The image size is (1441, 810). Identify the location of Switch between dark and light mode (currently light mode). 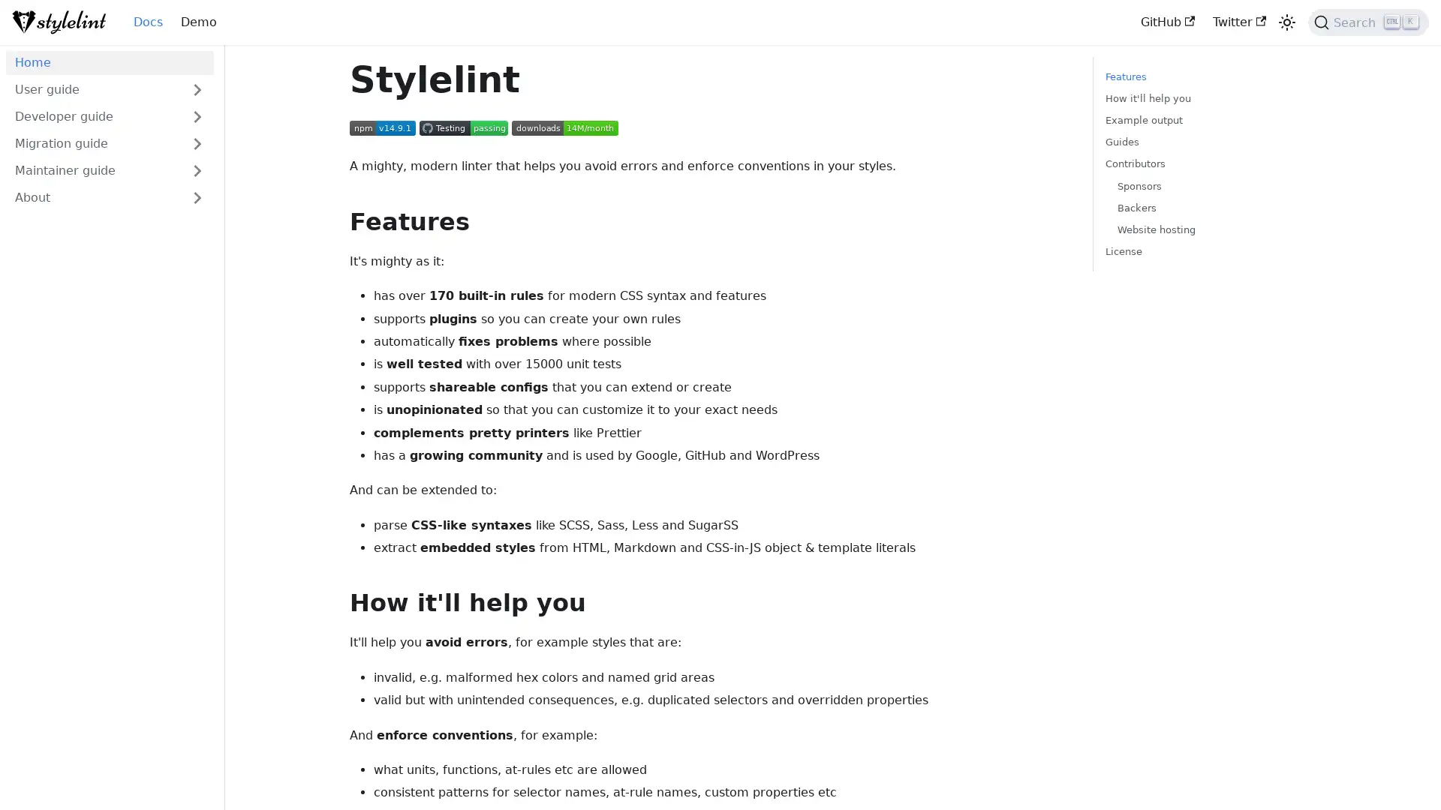
(1286, 22).